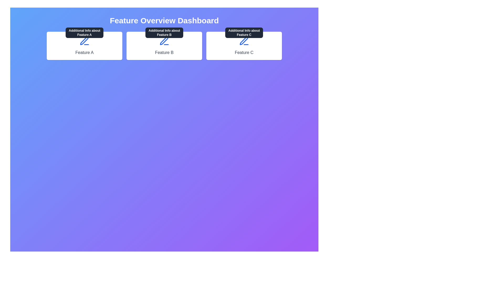 The image size is (504, 283). Describe the element at coordinates (164, 52) in the screenshot. I see `text of the descriptive label located at the bottom section of the central card among three horizontally aligned cards` at that location.